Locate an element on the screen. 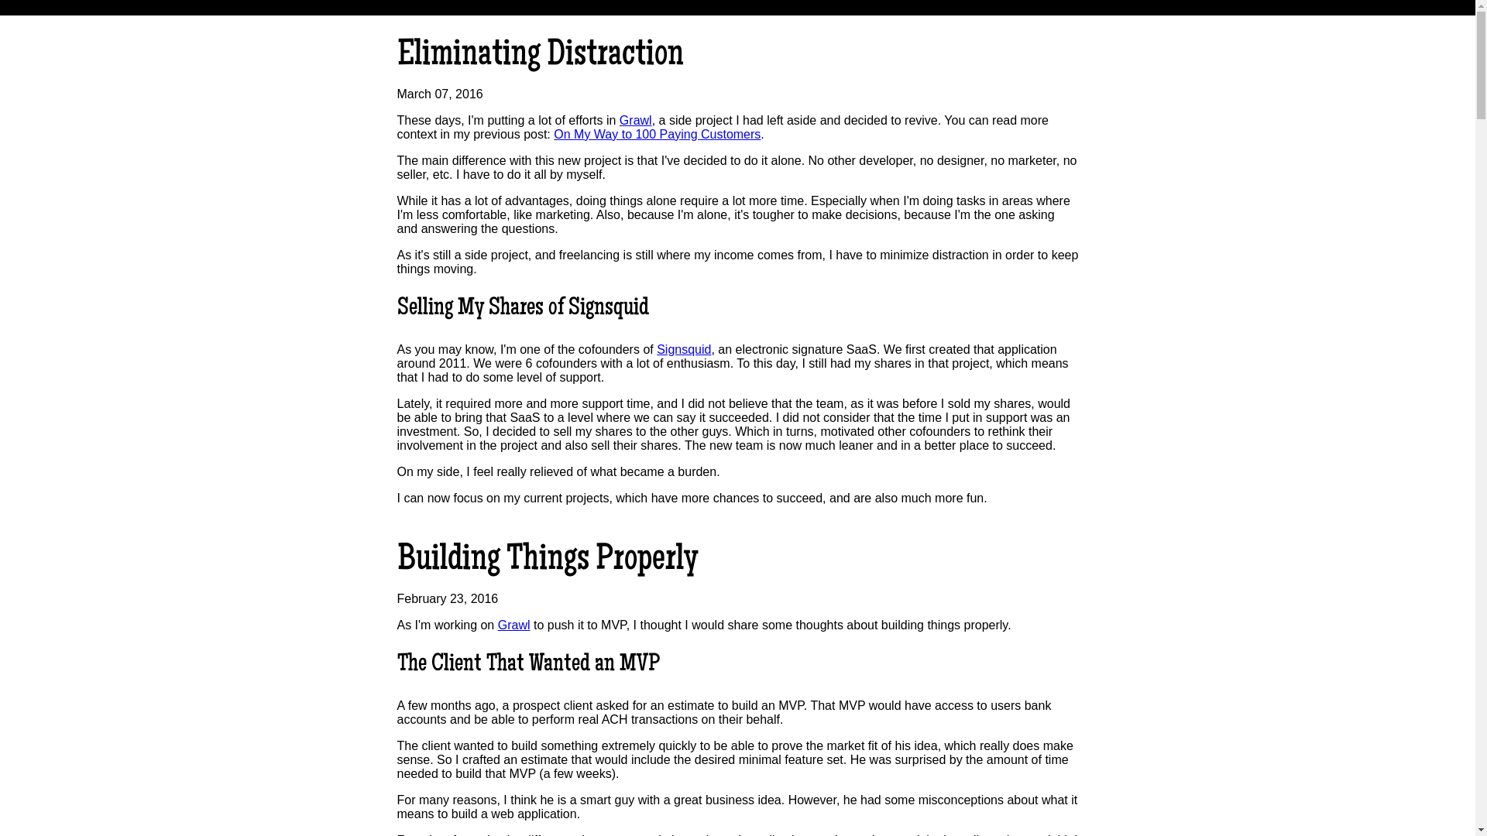 Image resolution: width=1487 pixels, height=836 pixels. 'Signsquid' is located at coordinates (683, 349).